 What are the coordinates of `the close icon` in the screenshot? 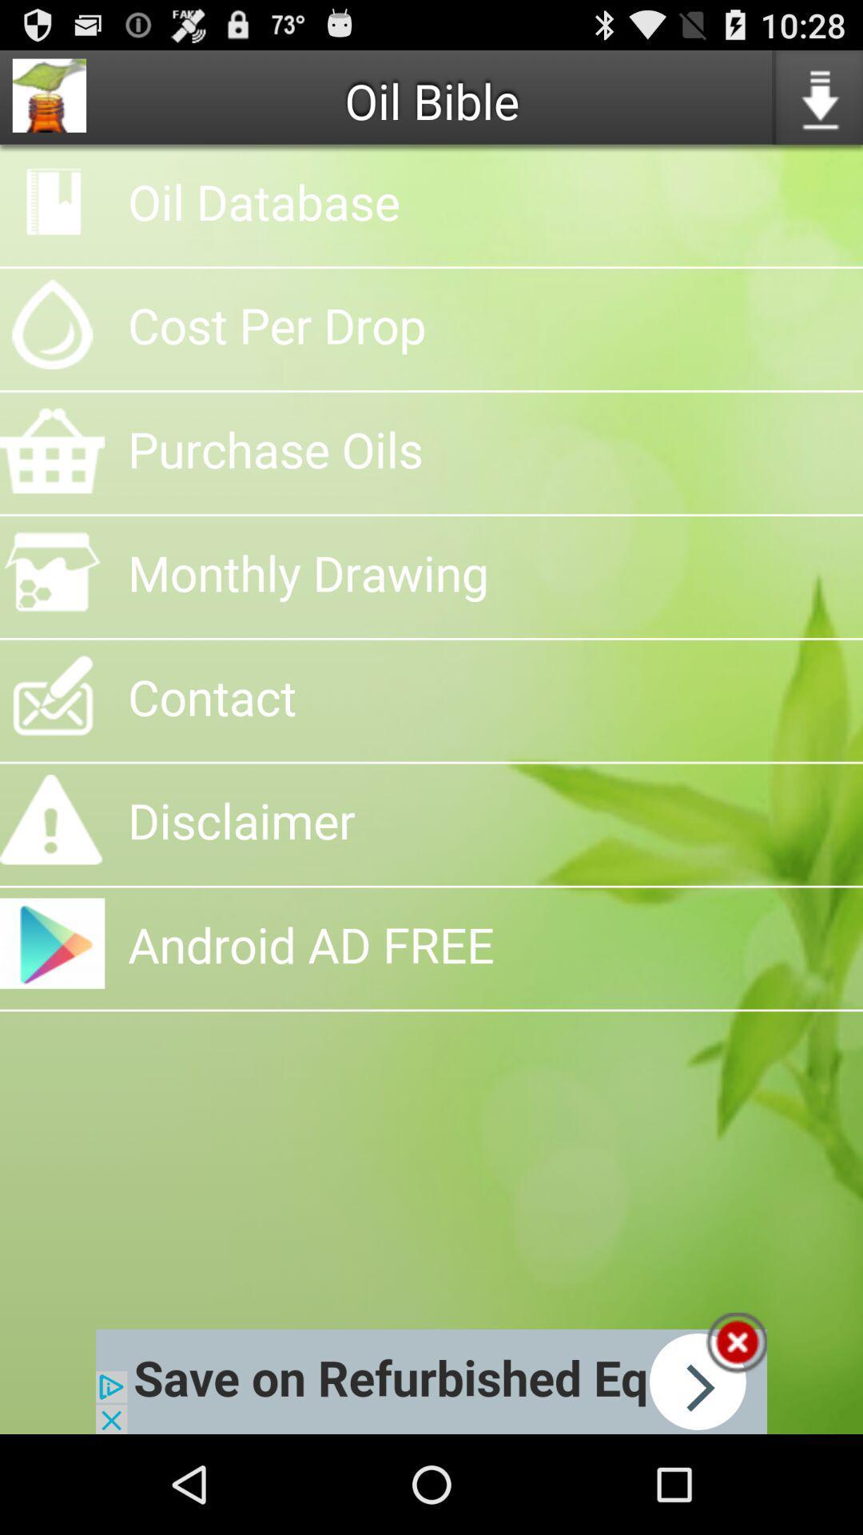 It's located at (736, 1437).